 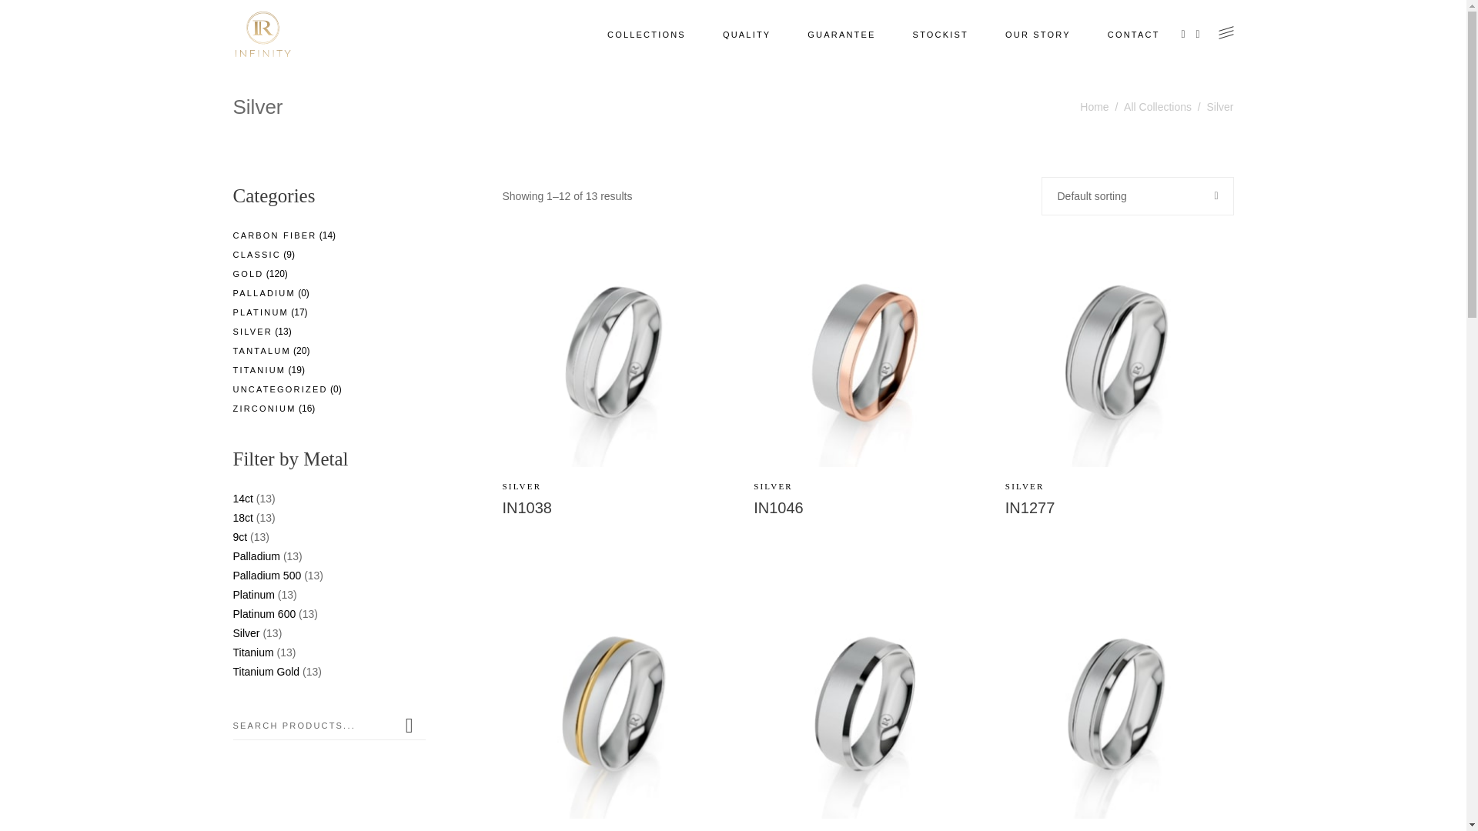 What do you see at coordinates (940, 35) in the screenshot?
I see `'STOCKIST'` at bounding box center [940, 35].